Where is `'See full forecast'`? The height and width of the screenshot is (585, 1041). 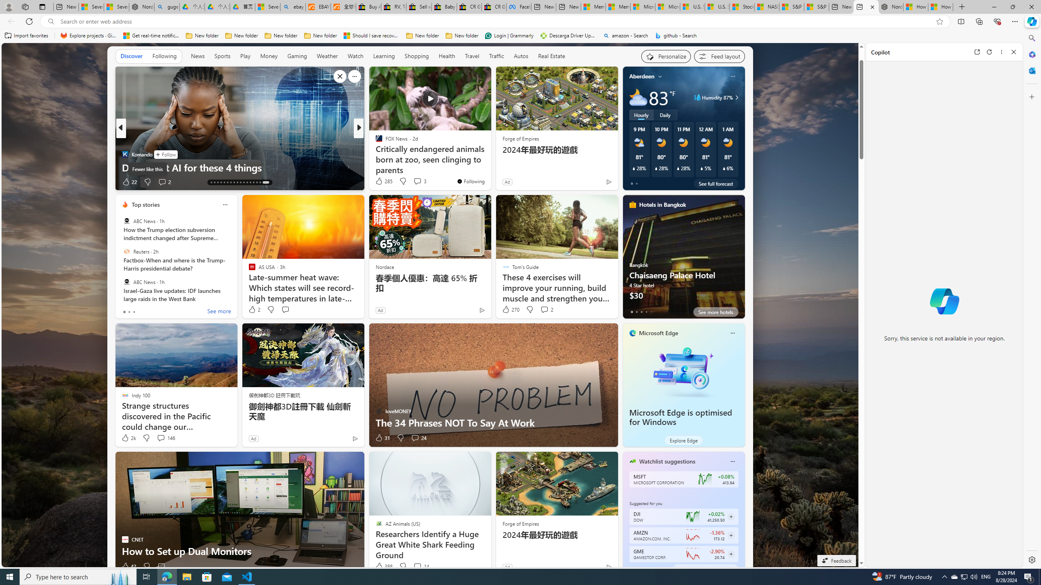 'See full forecast' is located at coordinates (716, 183).